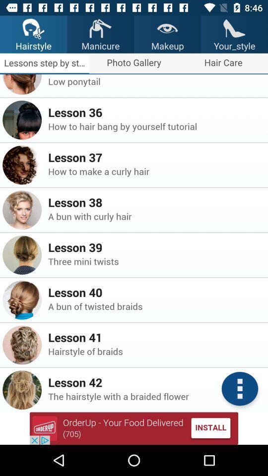 The image size is (268, 476). Describe the element at coordinates (134, 428) in the screenshot. I see `advertisement for app` at that location.